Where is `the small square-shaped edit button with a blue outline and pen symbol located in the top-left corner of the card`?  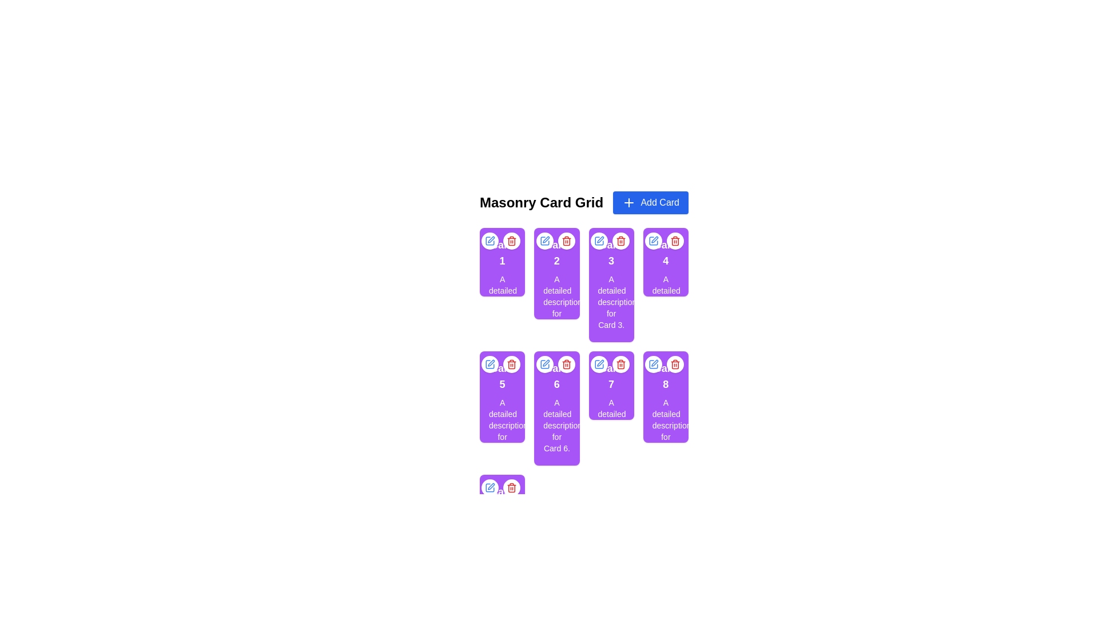
the small square-shaped edit button with a blue outline and pen symbol located in the top-left corner of the card is located at coordinates (653, 240).